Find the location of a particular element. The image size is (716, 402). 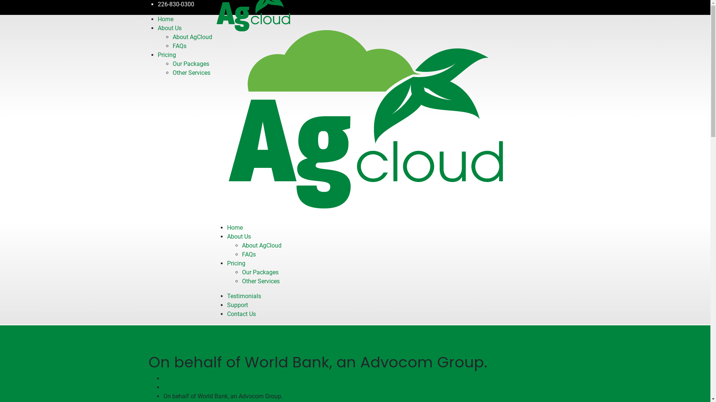

'Pricing' is located at coordinates (166, 54).